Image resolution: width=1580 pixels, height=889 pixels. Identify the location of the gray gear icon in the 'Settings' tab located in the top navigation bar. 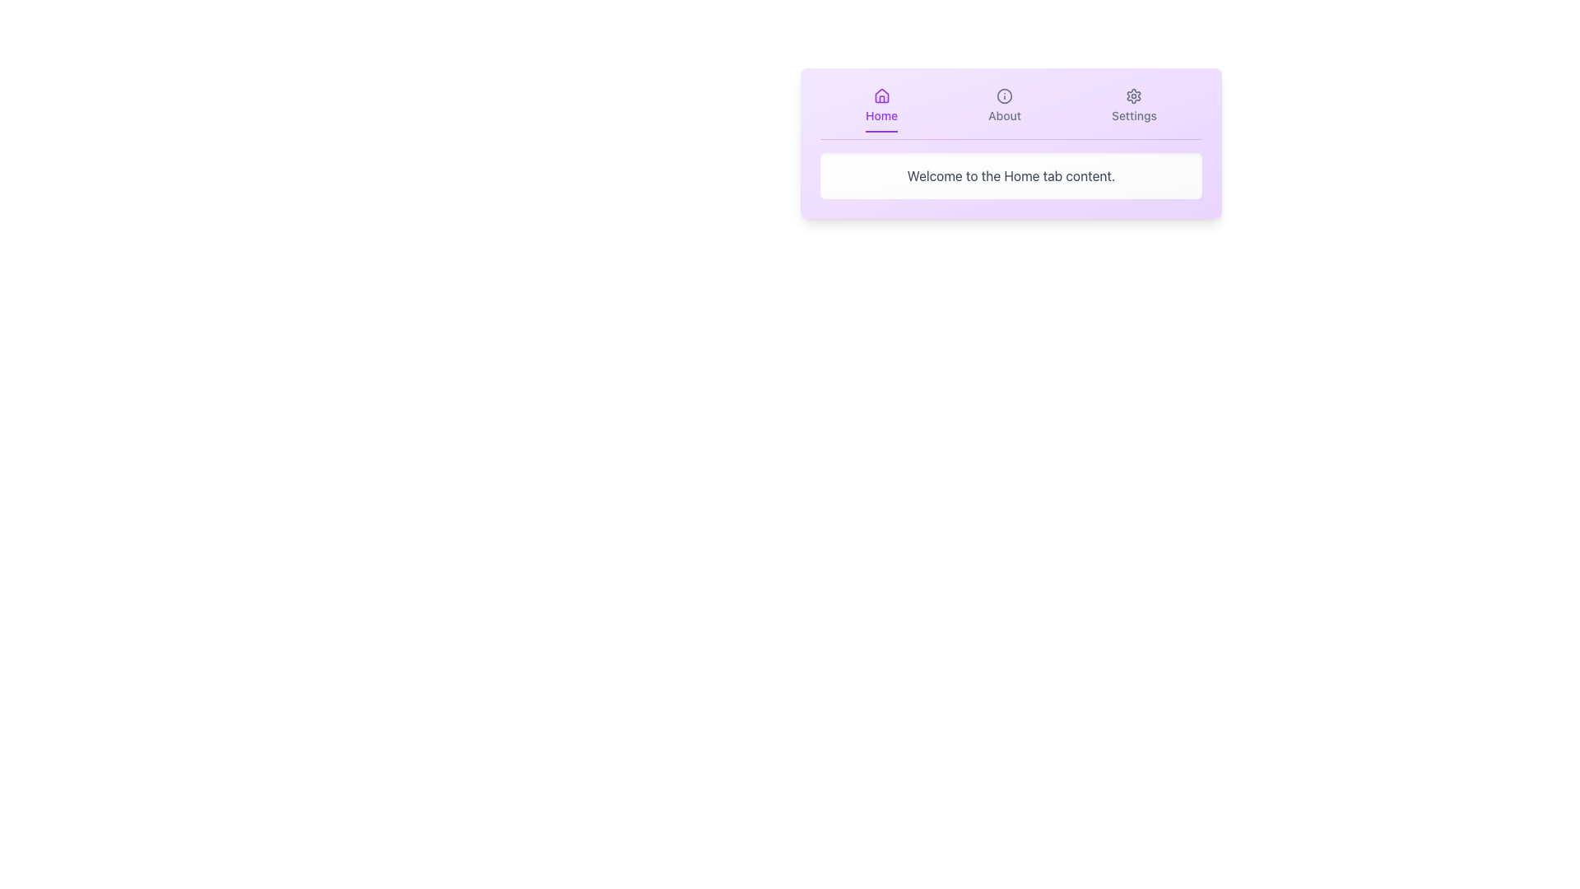
(1133, 95).